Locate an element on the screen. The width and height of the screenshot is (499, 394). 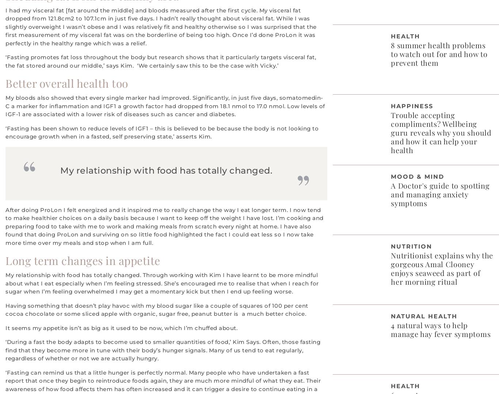
'My relationship with food has totally changed. Through working with Kim I have learnt to be more mindful about what I eat especially when I’m feeling stressed. She’s encouraged me to realise that when I reach for sugar when I’m feeling overwhelmed I may get a momentary kick but then I end up feeling worse.' is located at coordinates (161, 283).